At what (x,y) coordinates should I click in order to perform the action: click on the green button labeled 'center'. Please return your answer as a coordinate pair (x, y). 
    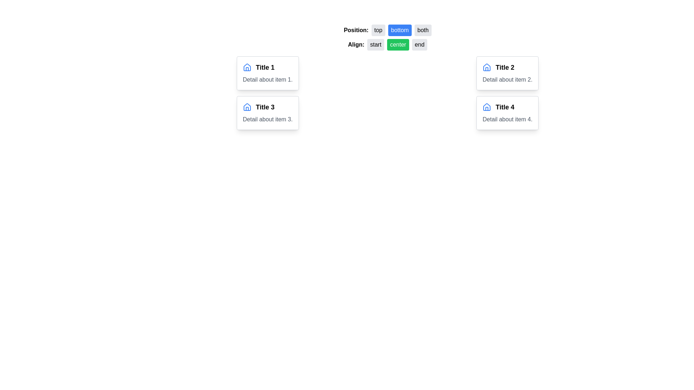
    Looking at the image, I should click on (387, 44).